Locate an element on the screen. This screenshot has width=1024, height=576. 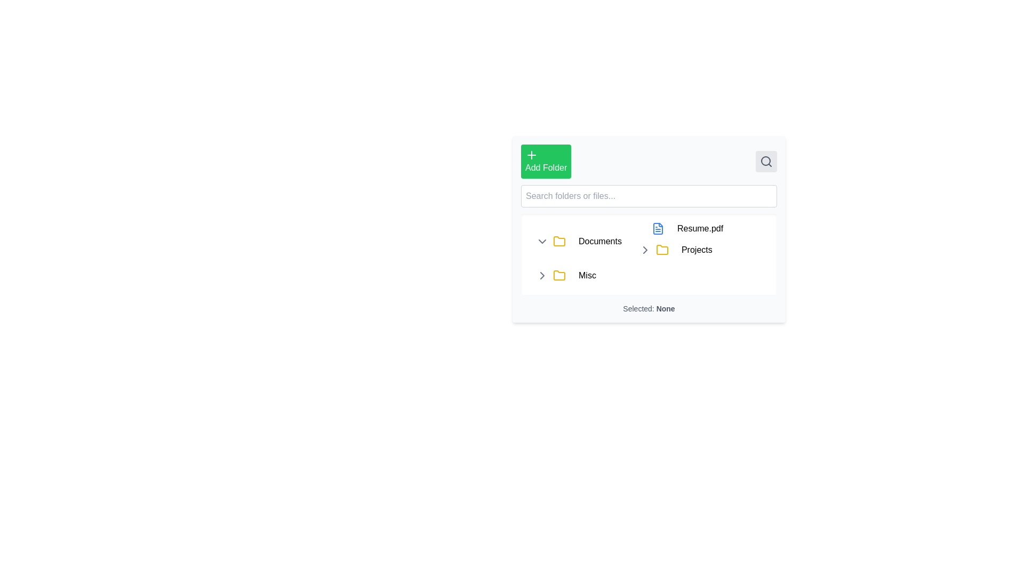
the compact arrow icon styled with a chevron pointing towards the right, located to the left of the 'Projects' folder icon is located at coordinates (644, 250).